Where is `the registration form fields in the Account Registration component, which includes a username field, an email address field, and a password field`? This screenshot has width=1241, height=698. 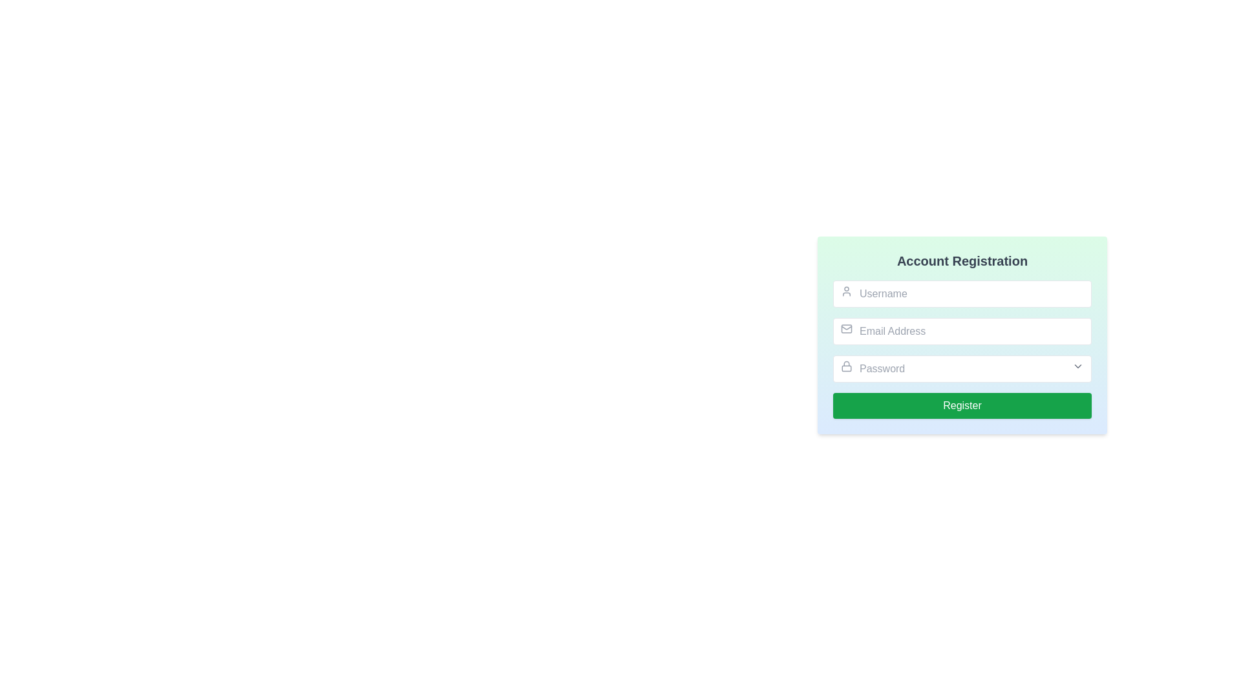 the registration form fields in the Account Registration component, which includes a username field, an email address field, and a password field is located at coordinates (962, 335).